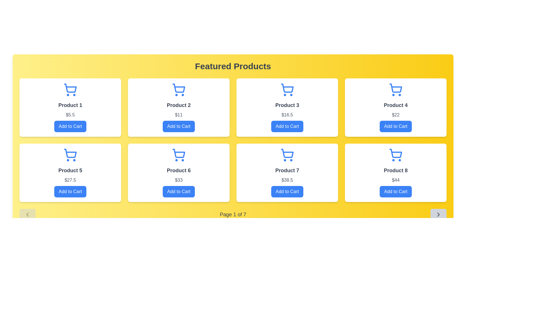 Image resolution: width=551 pixels, height=309 pixels. I want to click on the shopping icon positioned in the top-middle area of the product card for 'Product 5', located directly above the text '$27.5' and 'Add to Cart', so click(70, 155).